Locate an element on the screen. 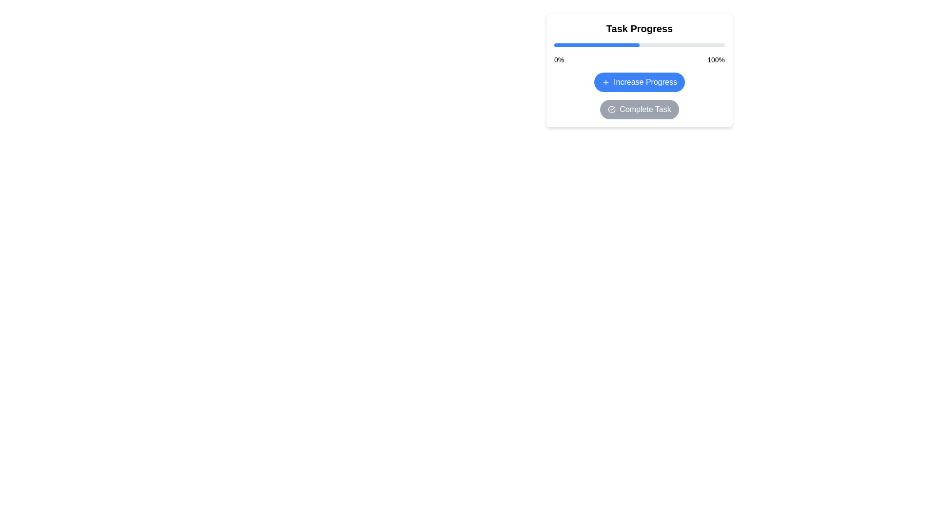 Image resolution: width=936 pixels, height=526 pixels. the circular icon with a check mark inside, located is located at coordinates (611, 109).